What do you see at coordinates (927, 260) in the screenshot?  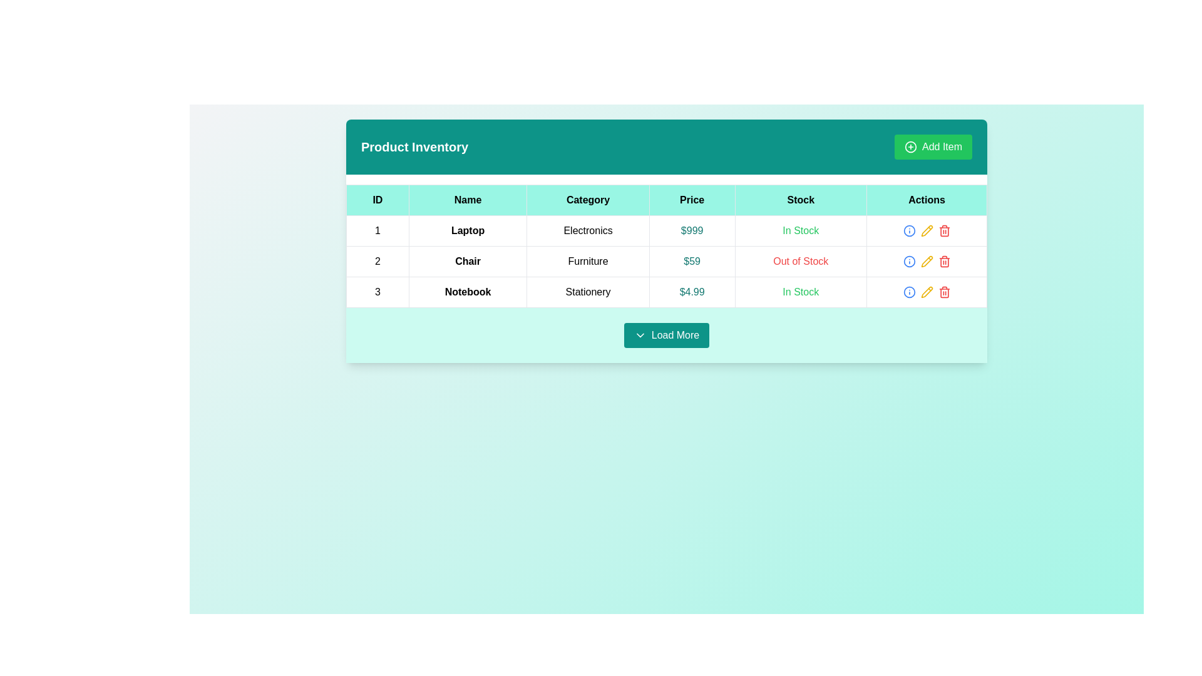 I see `the first yellow pencil icon located in the 'Actions' column of the second row for the 'Chair' item to initiate editing` at bounding box center [927, 260].